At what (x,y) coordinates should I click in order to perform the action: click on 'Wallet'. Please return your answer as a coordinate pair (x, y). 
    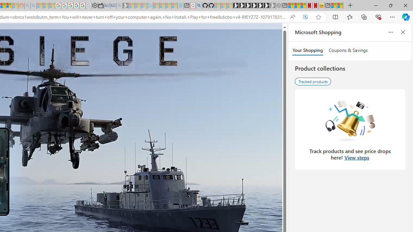
    Looking at the image, I should click on (100, 5).